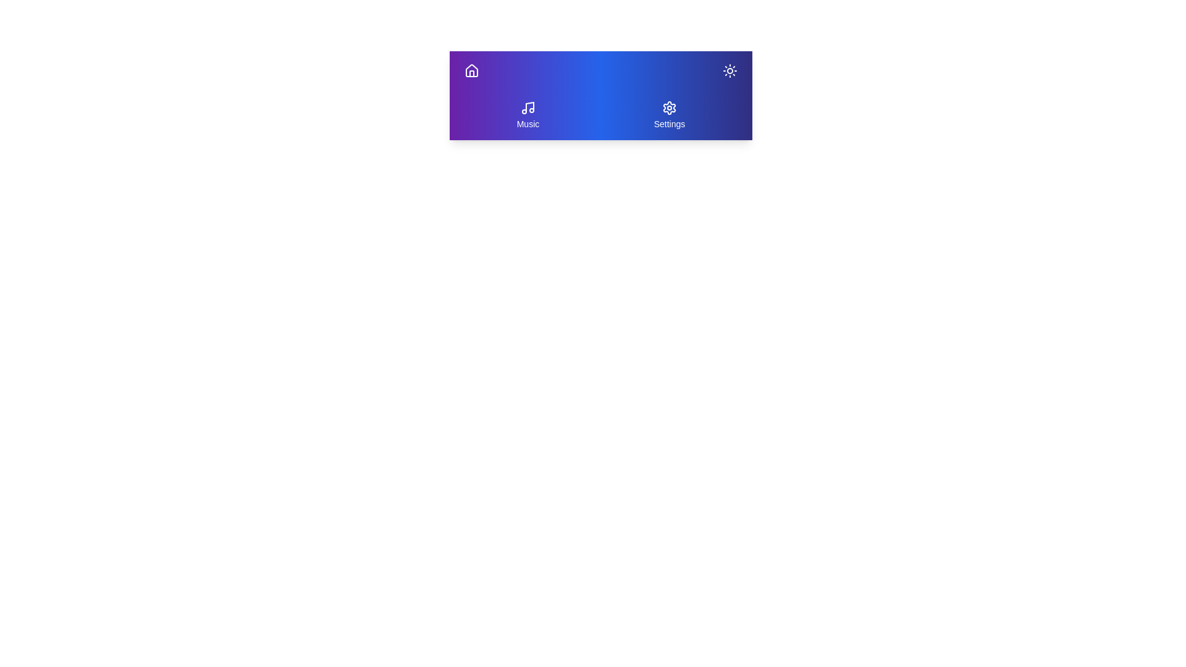 Image resolution: width=1186 pixels, height=667 pixels. Describe the element at coordinates (668, 115) in the screenshot. I see `the 'Settings' button to navigate to the settings page` at that location.